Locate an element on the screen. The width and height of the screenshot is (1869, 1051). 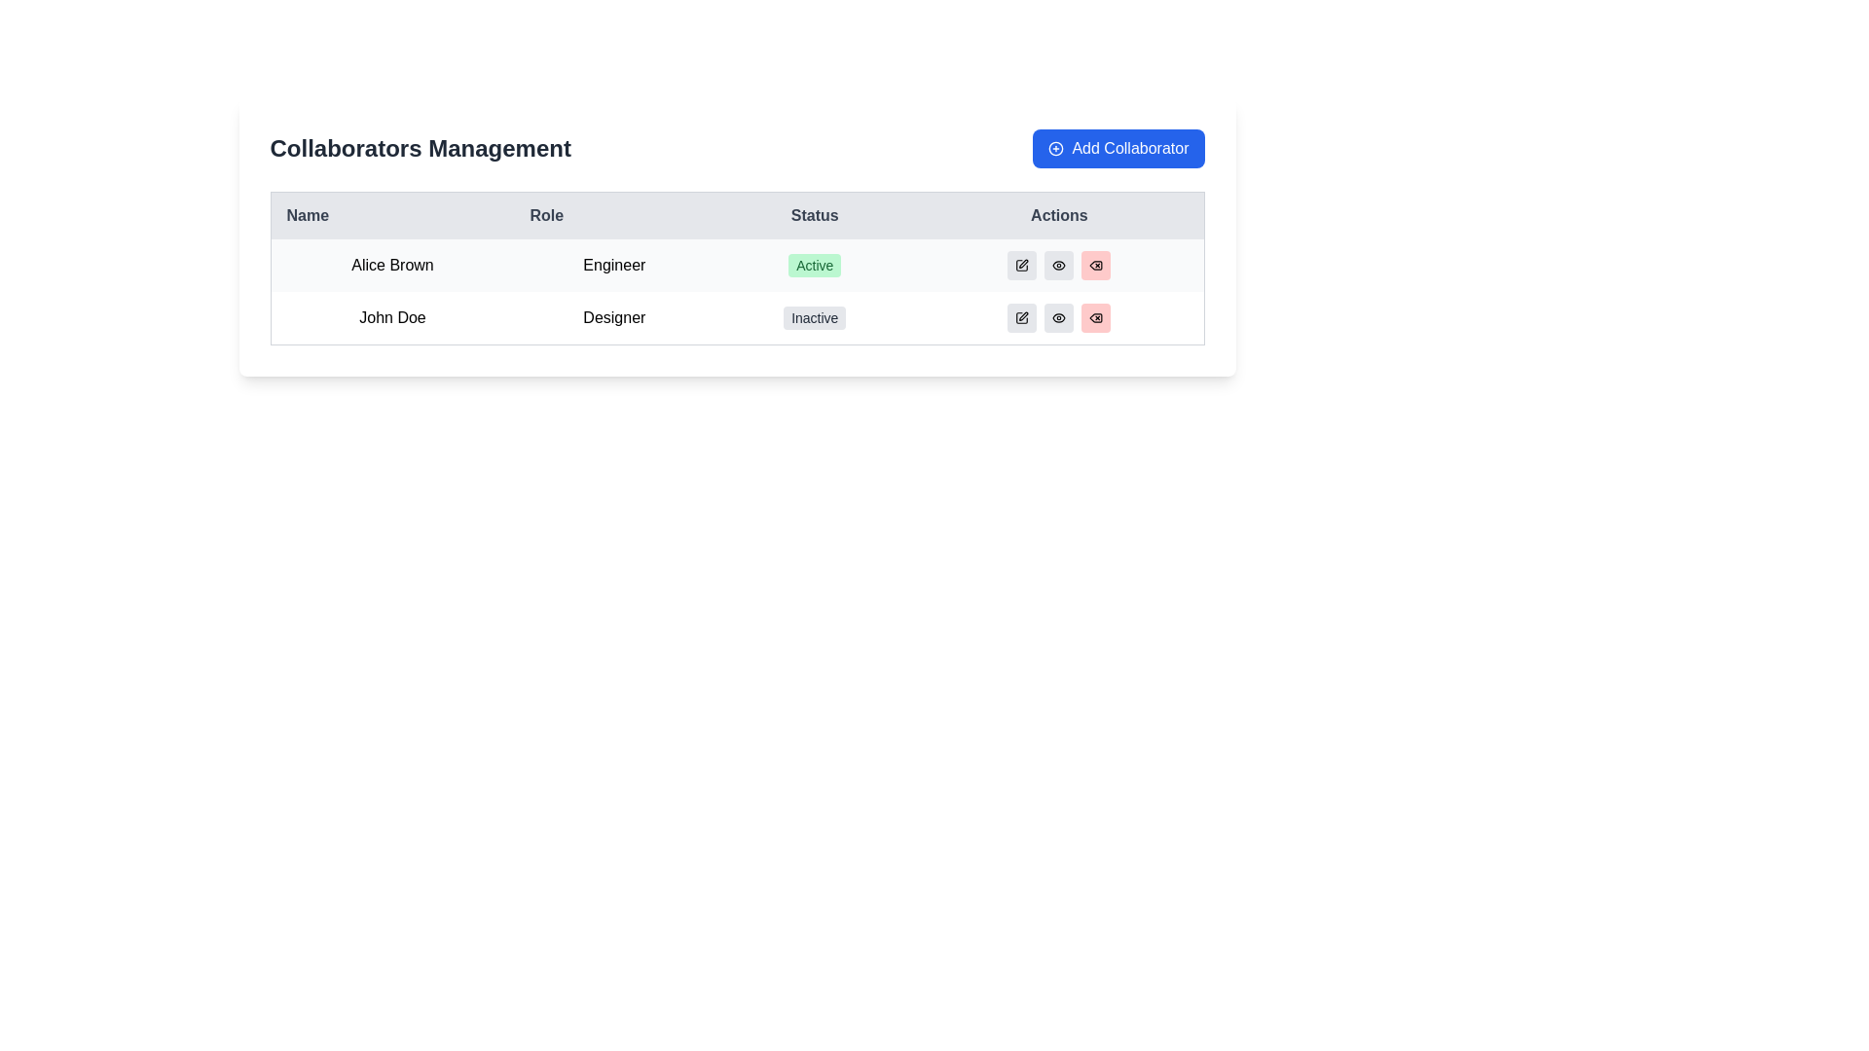
the edit icon located in the second row under the 'Actions' column to initiate edit mode for the associated row is located at coordinates (1021, 317).